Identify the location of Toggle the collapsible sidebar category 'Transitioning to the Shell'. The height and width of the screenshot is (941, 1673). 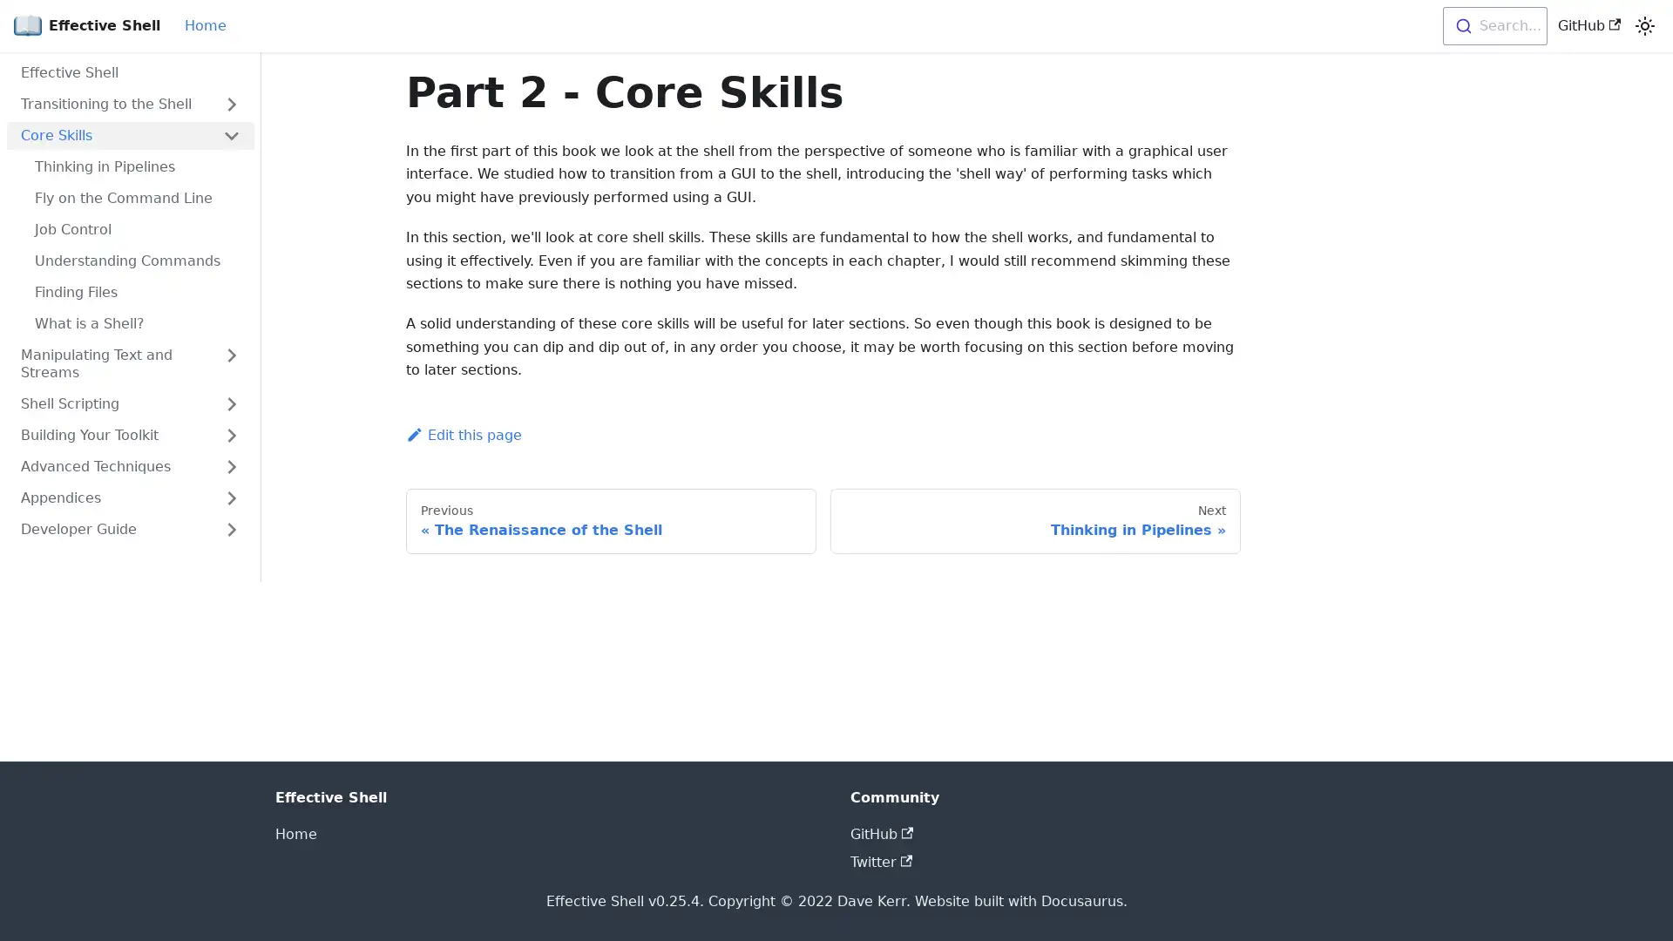
(230, 104).